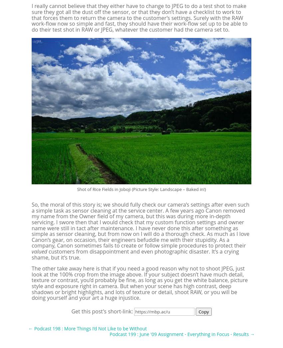  I want to click on 'Shot of Rice Fields in Joboji (Picture Style: Landscape – Baked in!)', so click(77, 188).